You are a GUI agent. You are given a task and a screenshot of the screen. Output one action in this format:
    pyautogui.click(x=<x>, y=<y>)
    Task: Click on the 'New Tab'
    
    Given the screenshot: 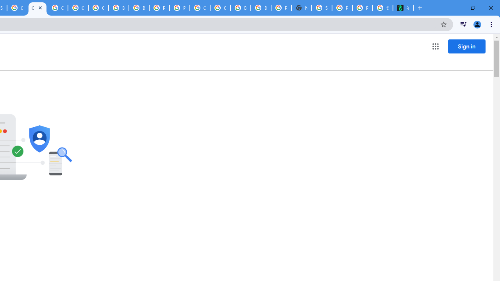 What is the action you would take?
    pyautogui.click(x=301, y=8)
    